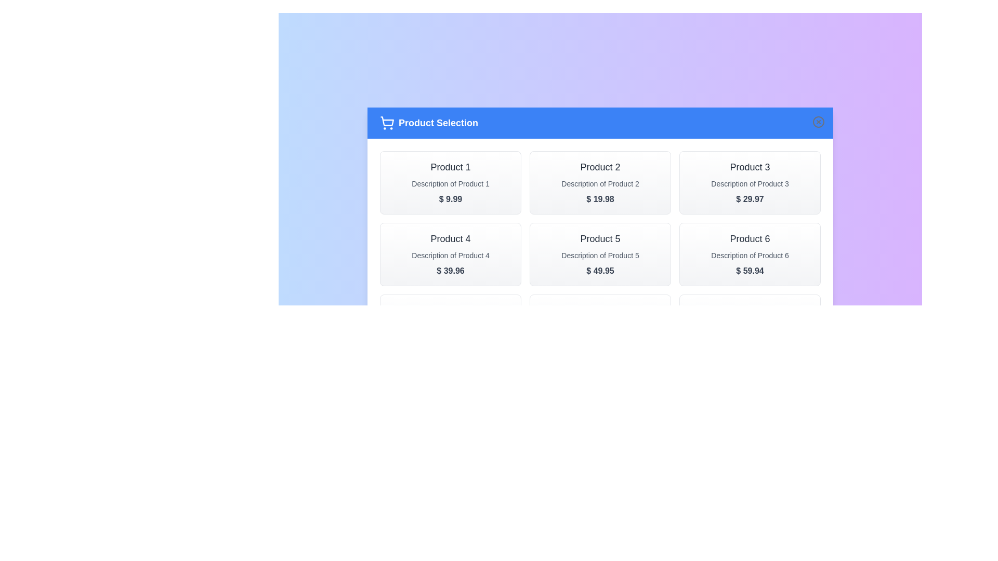  What do you see at coordinates (600, 254) in the screenshot?
I see `the product card for Product 5` at bounding box center [600, 254].